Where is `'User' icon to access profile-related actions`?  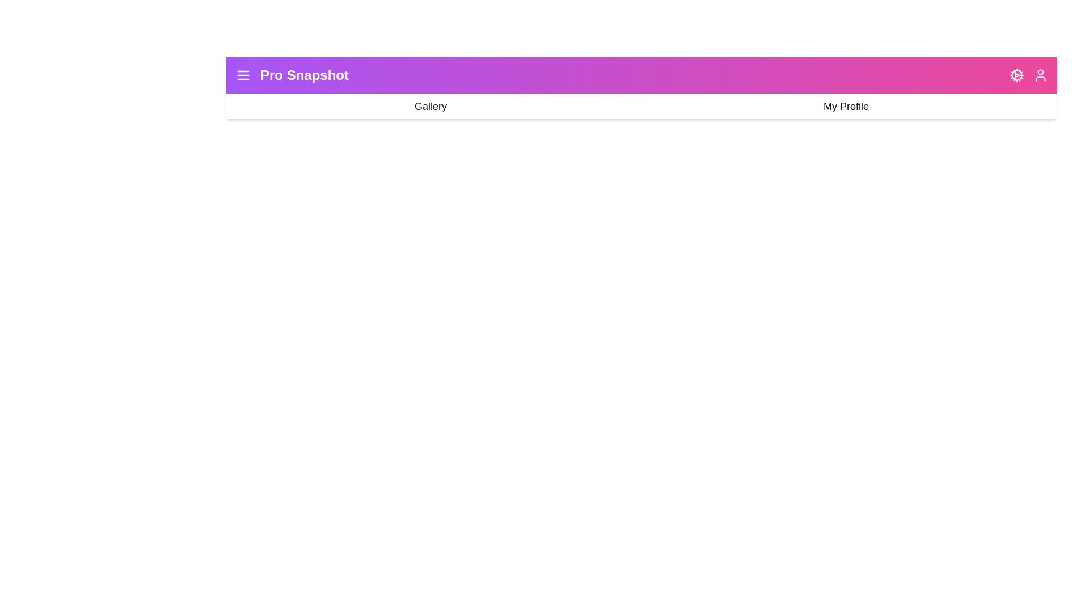 'User' icon to access profile-related actions is located at coordinates (1040, 75).